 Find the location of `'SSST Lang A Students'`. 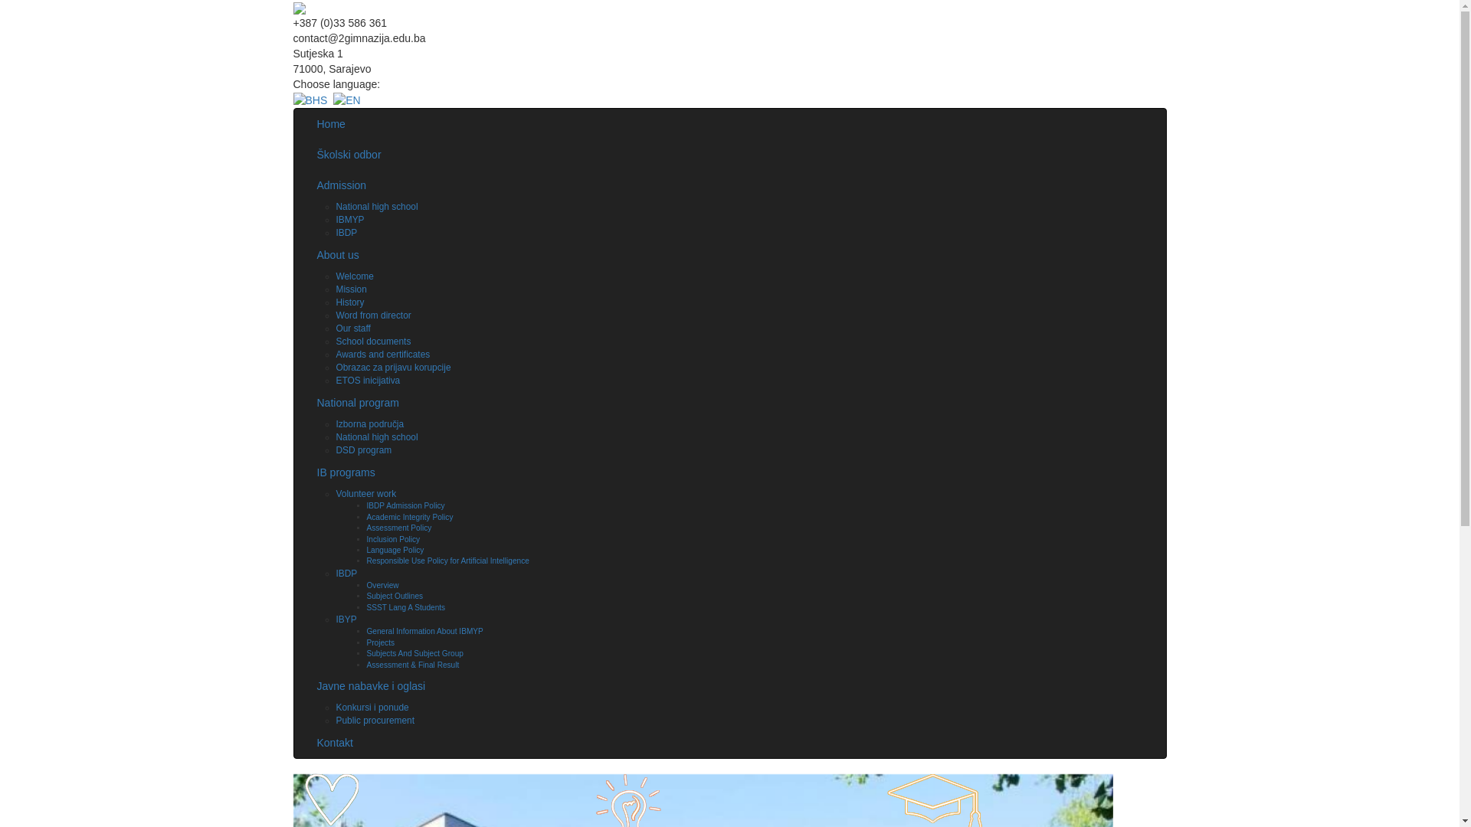

'SSST Lang A Students' is located at coordinates (405, 606).